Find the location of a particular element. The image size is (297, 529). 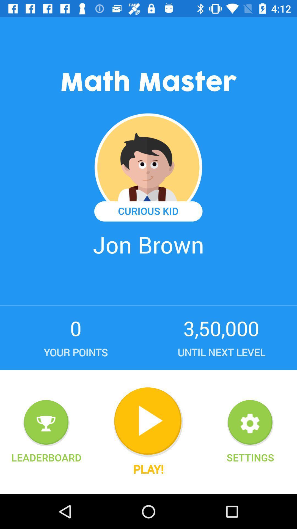

play is located at coordinates (148, 422).